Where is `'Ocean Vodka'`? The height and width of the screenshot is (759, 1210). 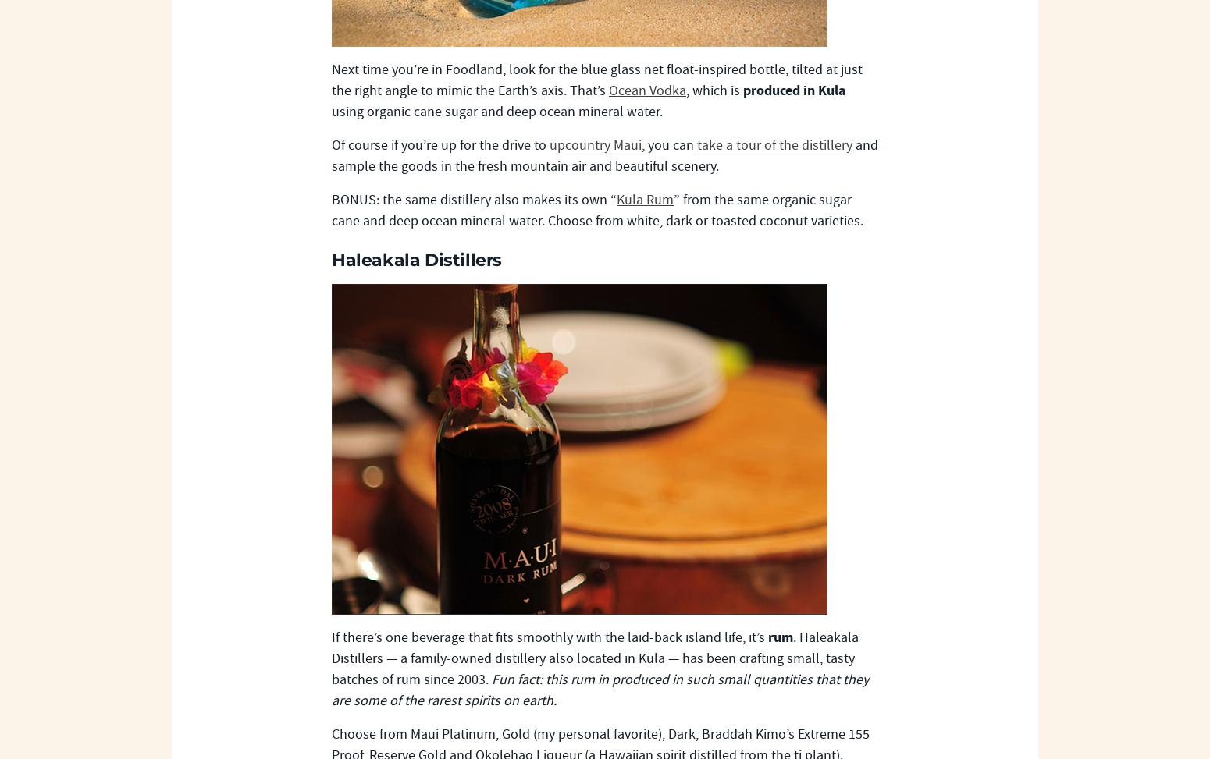
'Ocean Vodka' is located at coordinates (646, 90).